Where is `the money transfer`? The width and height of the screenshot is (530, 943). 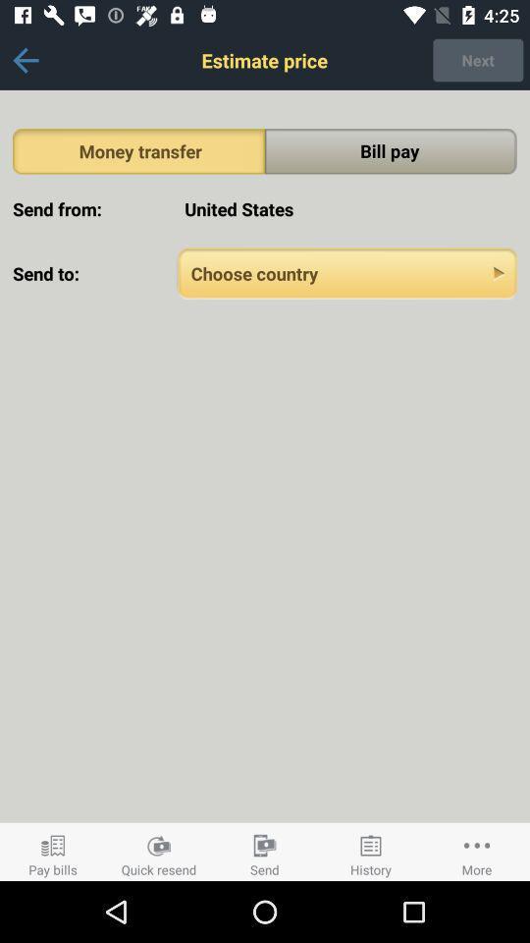
the money transfer is located at coordinates (137, 150).